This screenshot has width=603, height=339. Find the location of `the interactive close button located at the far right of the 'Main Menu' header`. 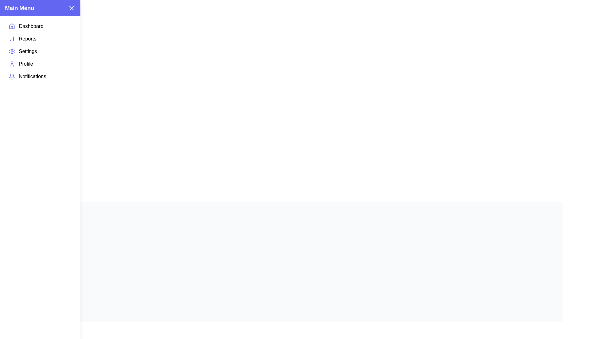

the interactive close button located at the far right of the 'Main Menu' header is located at coordinates (71, 8).